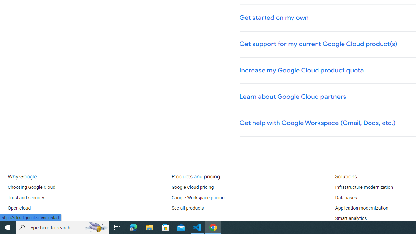 The image size is (416, 234). What do you see at coordinates (350, 218) in the screenshot?
I see `'Smart analytics'` at bounding box center [350, 218].